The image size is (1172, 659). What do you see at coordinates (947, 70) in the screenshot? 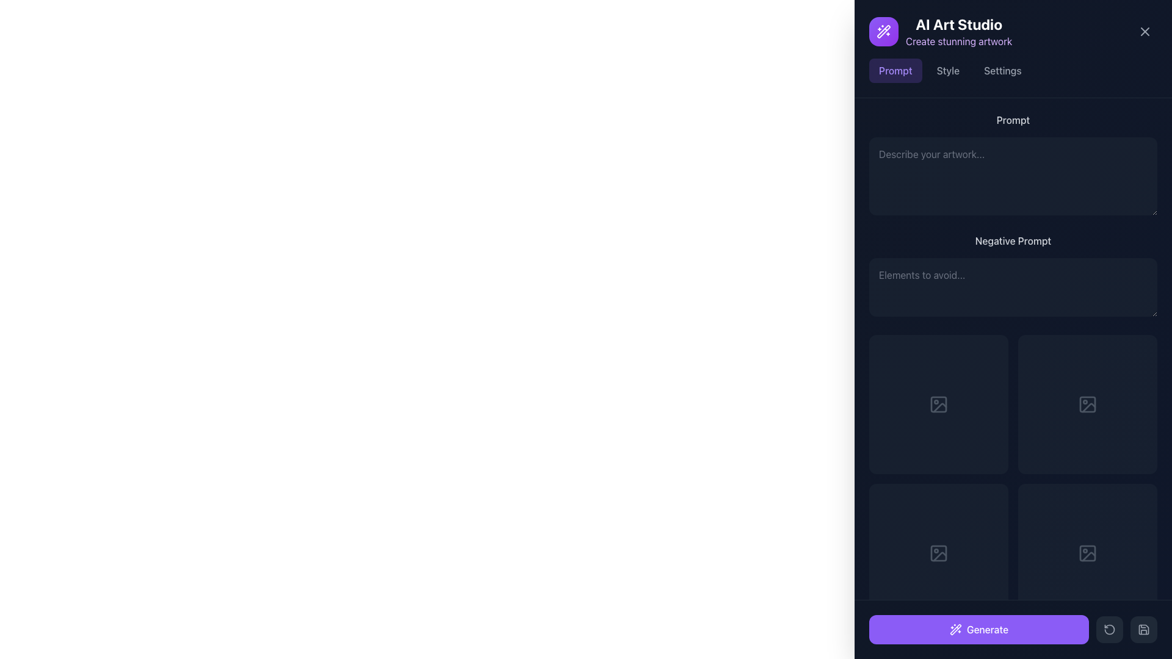
I see `the style settings button located between the 'Prompt' and 'Settings' buttons in the AI Art Studio interface` at bounding box center [947, 70].